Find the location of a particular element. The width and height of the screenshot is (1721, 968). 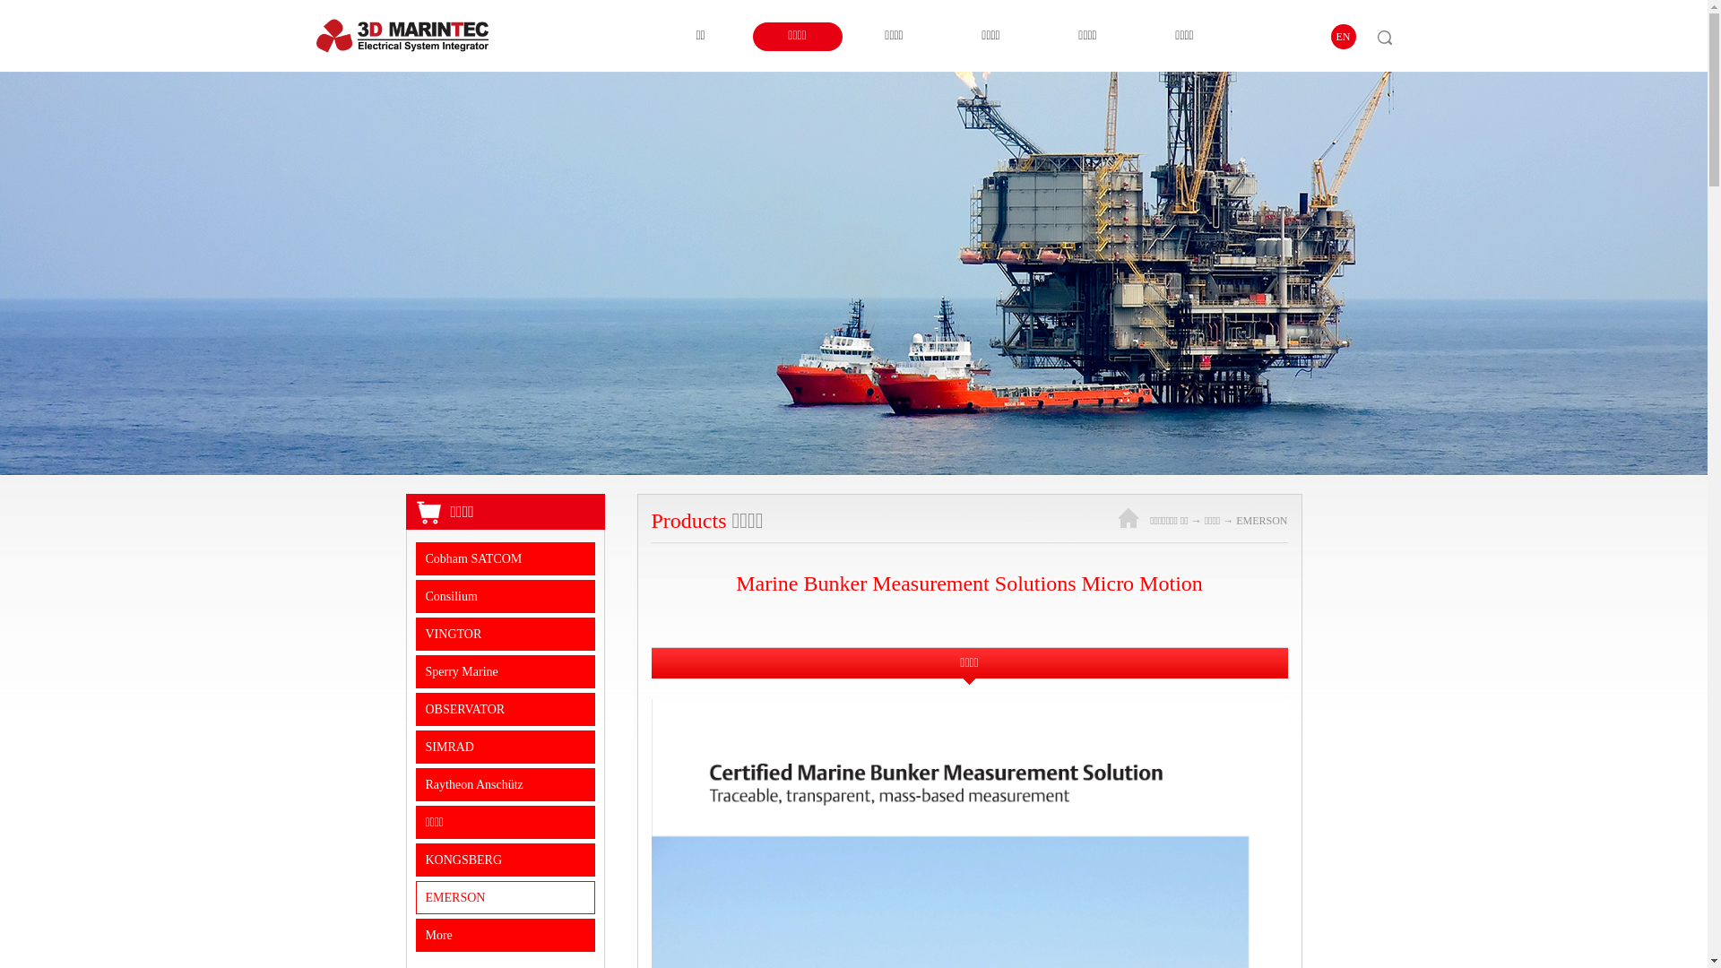

'OBSERVATOR' is located at coordinates (505, 708).